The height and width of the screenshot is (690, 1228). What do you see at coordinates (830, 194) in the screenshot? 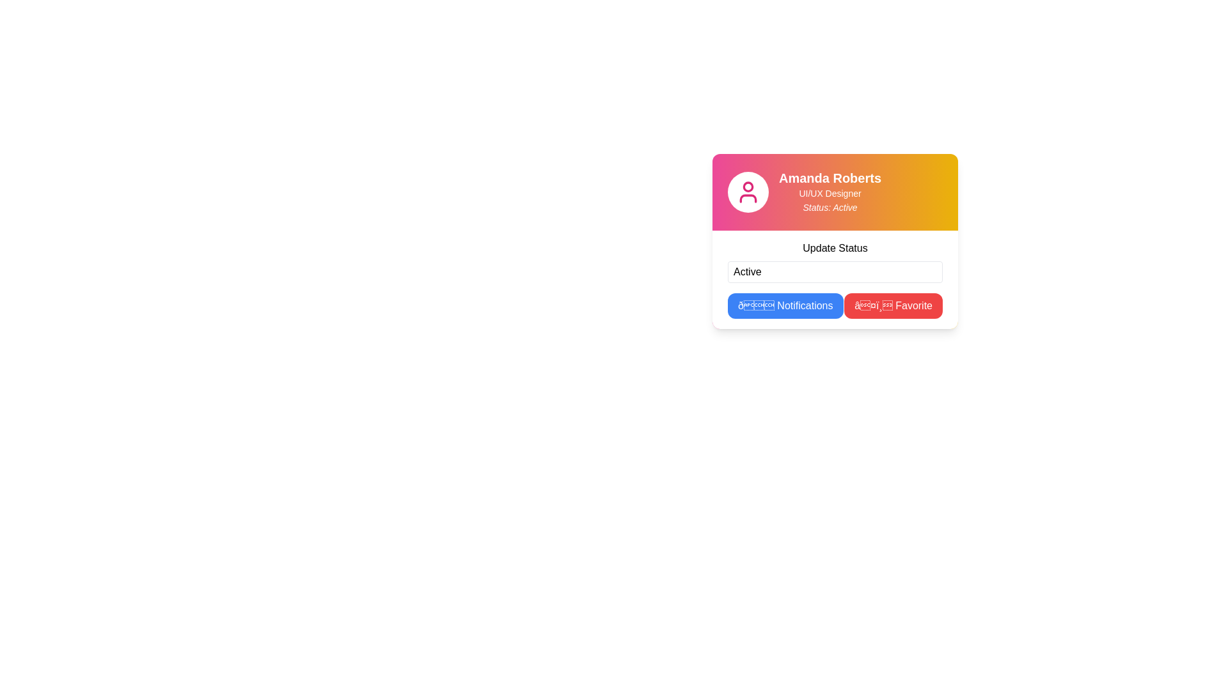
I see `the text label that identifies the professional role or title of the user, positioned between 'Amanda Roberts' and 'Status: Active'` at bounding box center [830, 194].